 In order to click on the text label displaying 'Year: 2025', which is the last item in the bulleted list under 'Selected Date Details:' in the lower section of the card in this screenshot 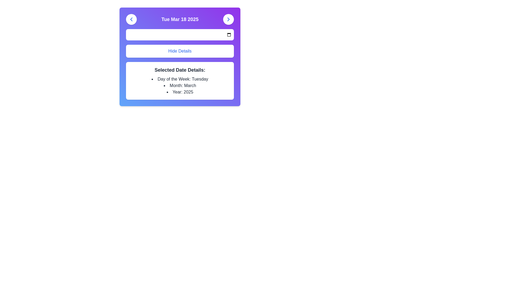, I will do `click(180, 92)`.